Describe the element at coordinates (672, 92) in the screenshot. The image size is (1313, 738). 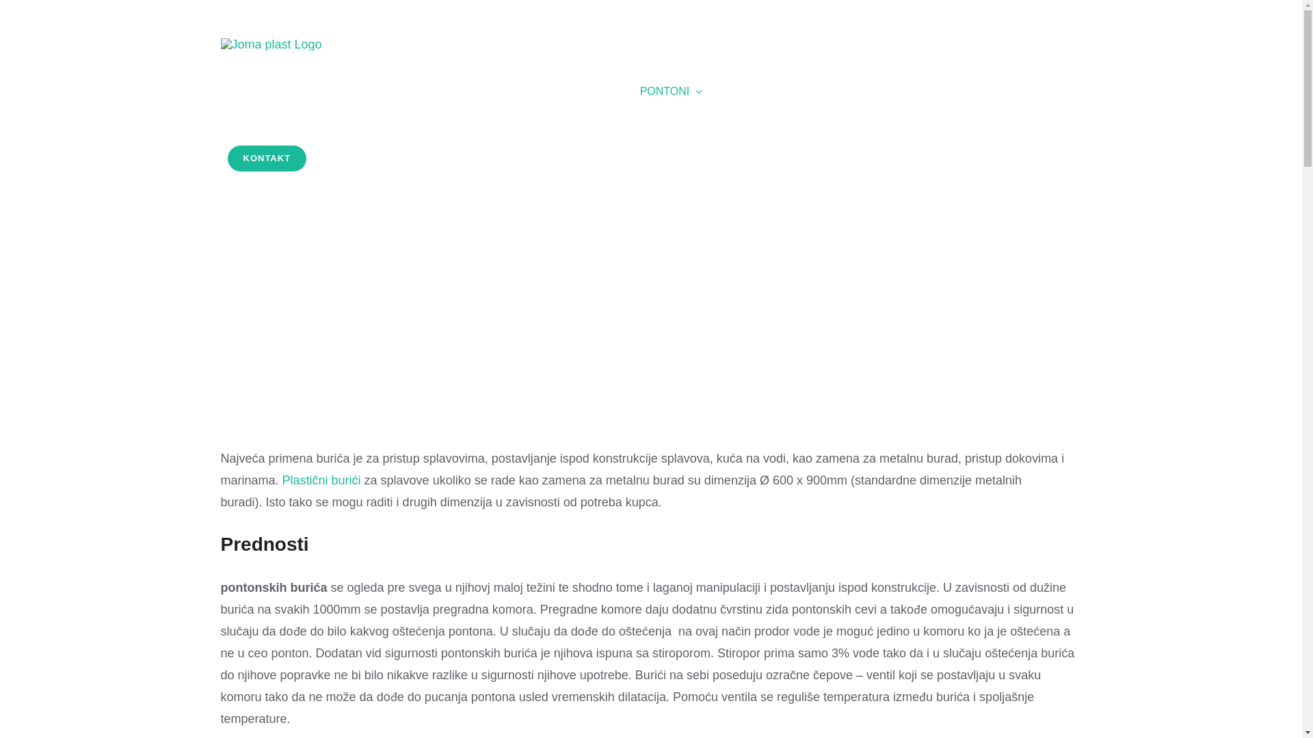
I see `'PONTONI'` at that location.